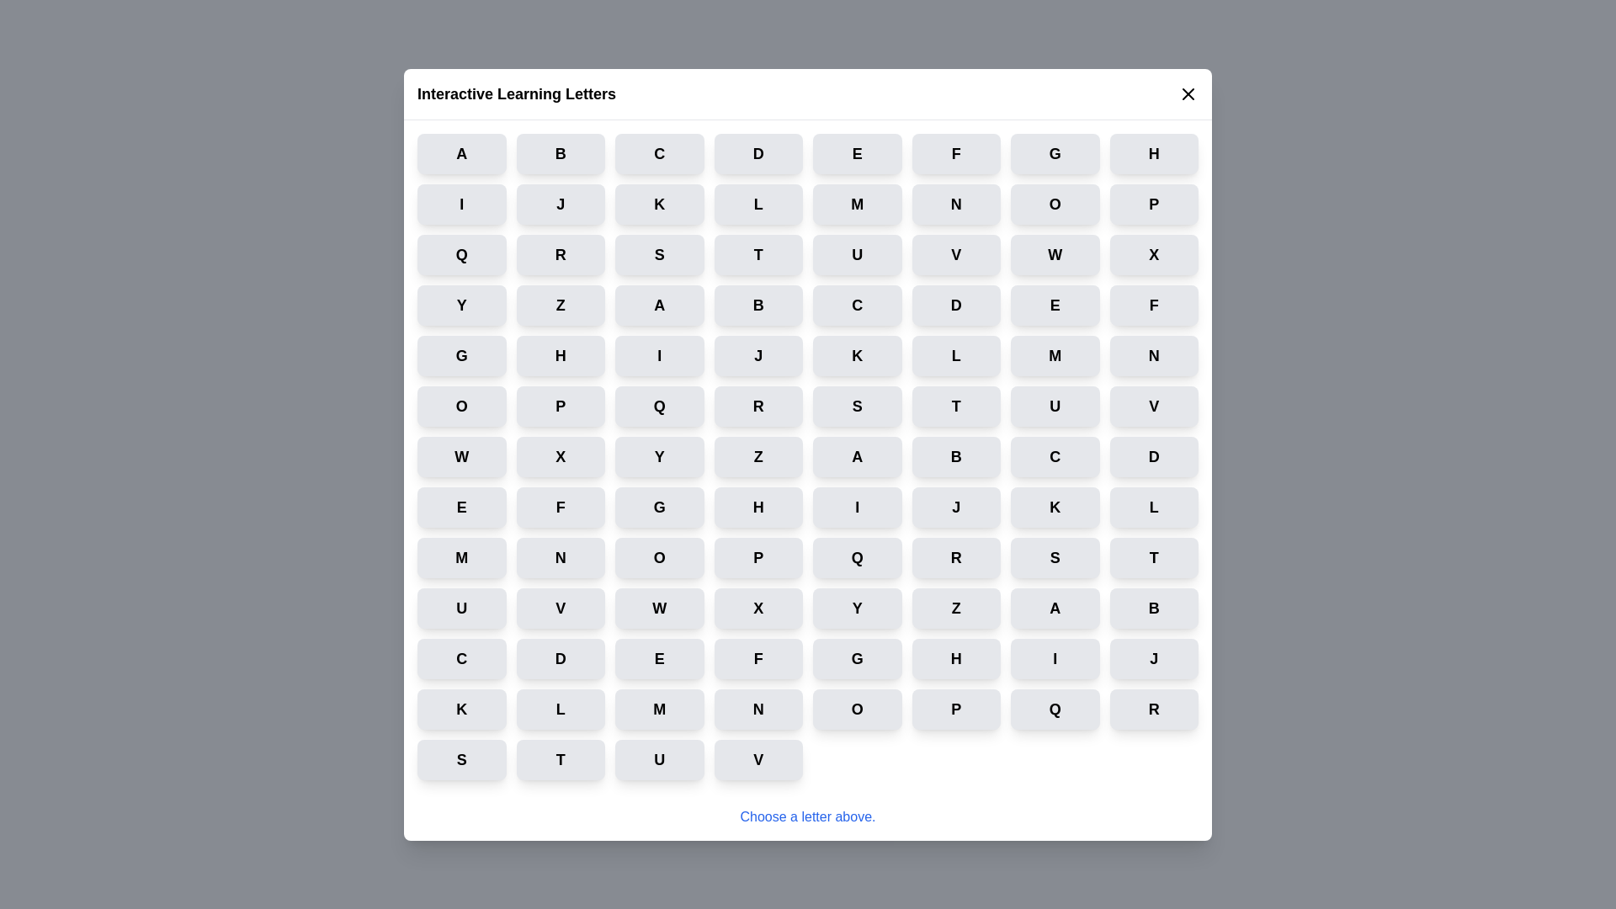 The height and width of the screenshot is (909, 1616). I want to click on the letter button labeled C, so click(658, 153).